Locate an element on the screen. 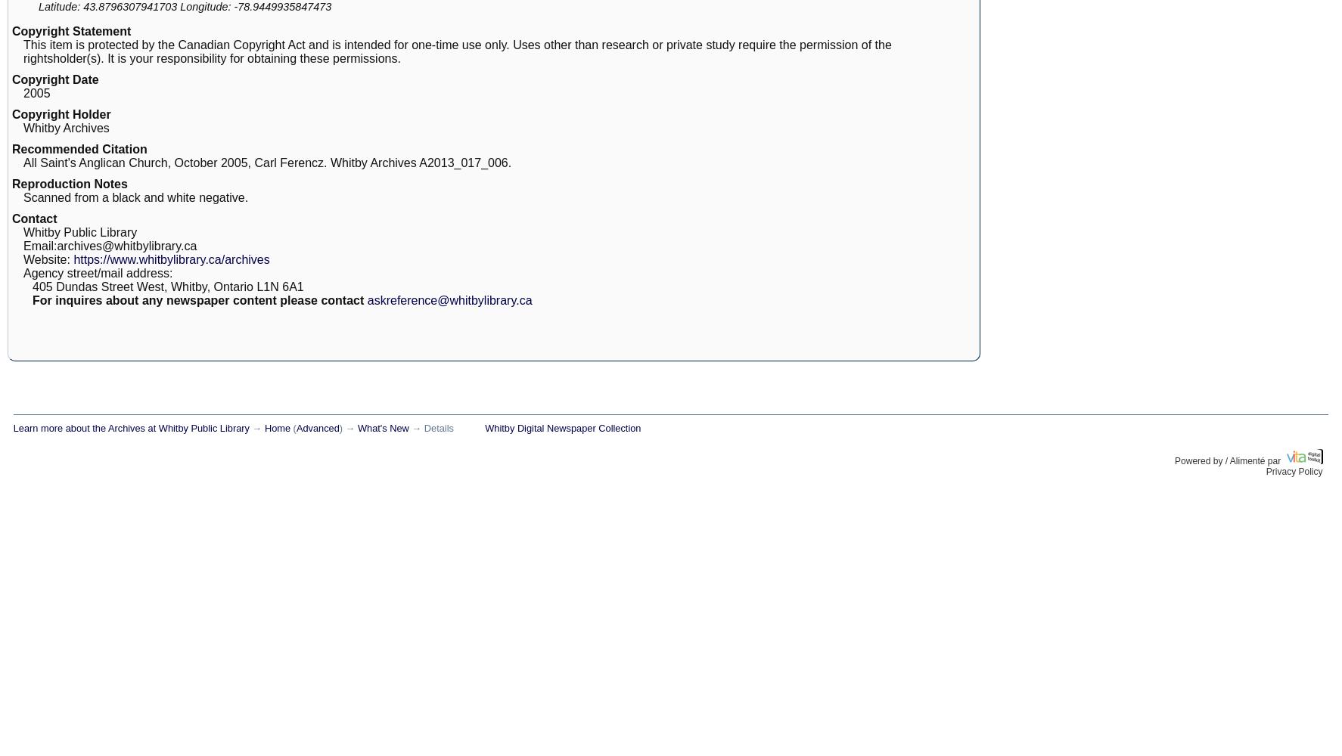  'Whitby Digital Newspaper Collection' is located at coordinates (562, 427).